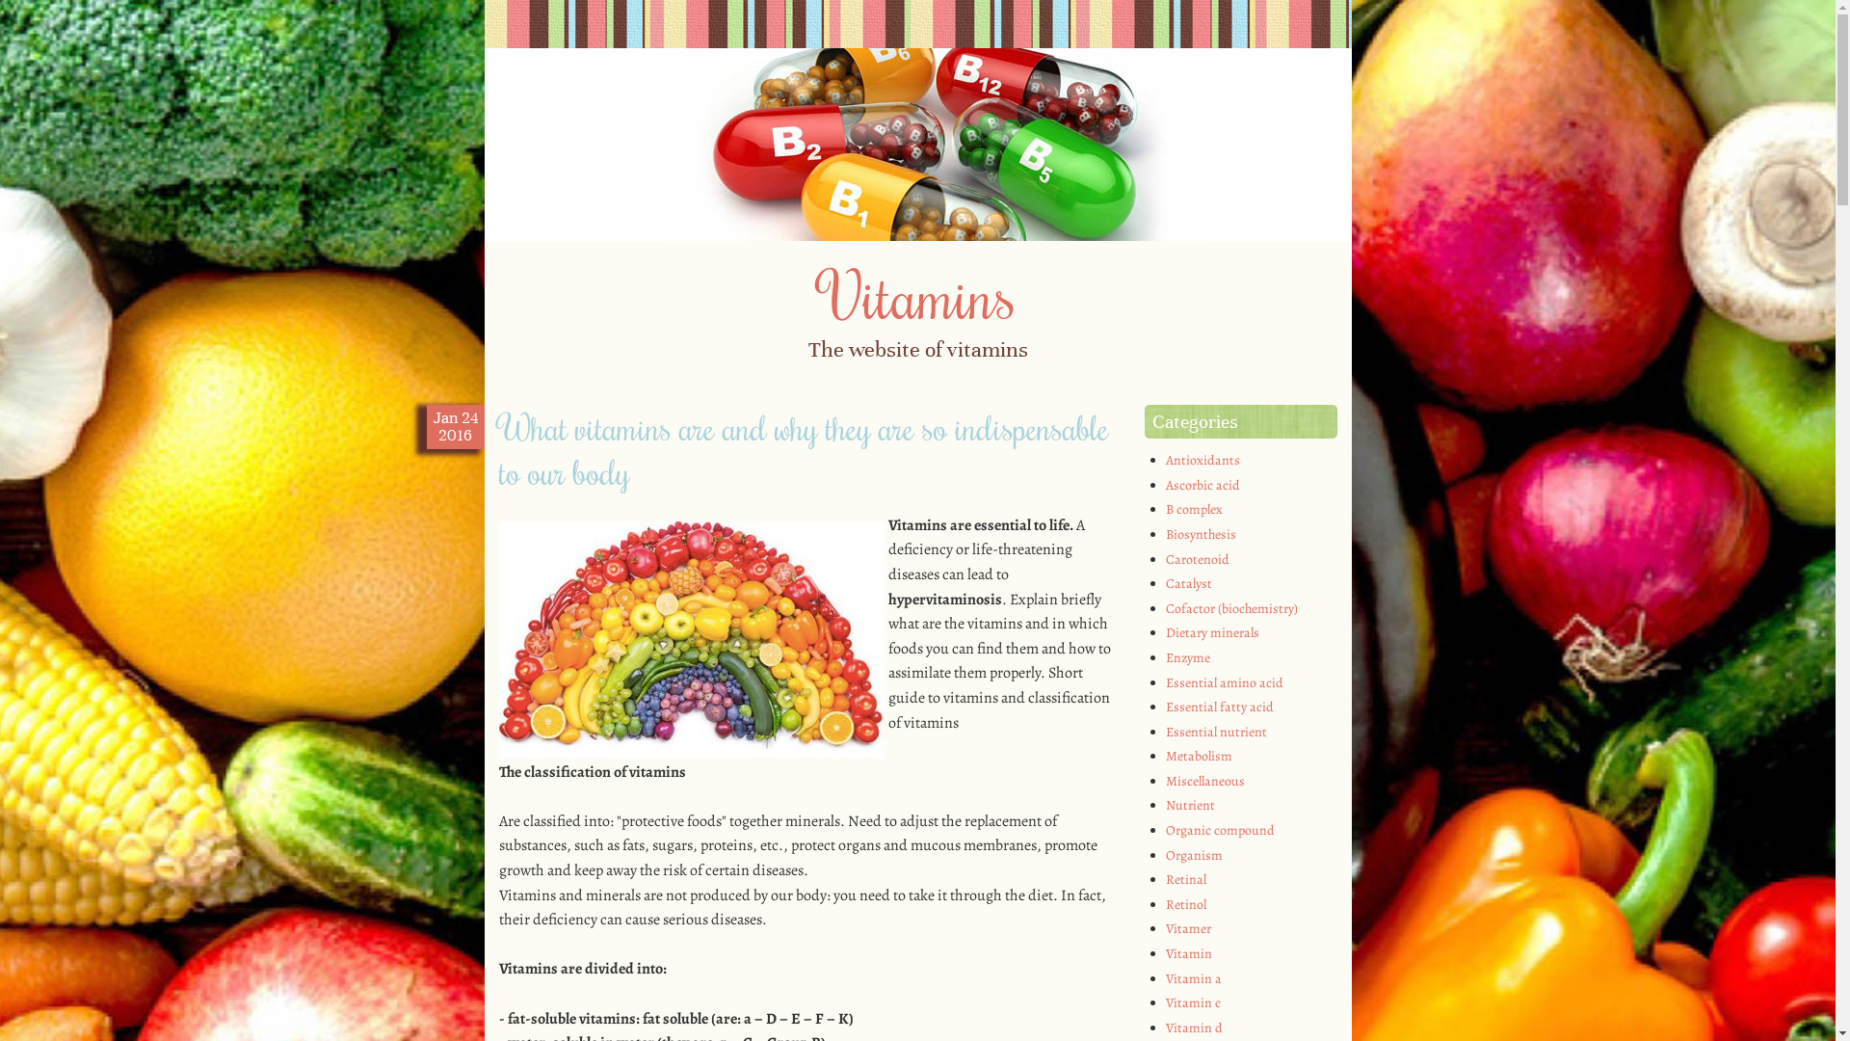 This screenshot has width=1850, height=1041. What do you see at coordinates (1211, 632) in the screenshot?
I see `'Dietary minerals'` at bounding box center [1211, 632].